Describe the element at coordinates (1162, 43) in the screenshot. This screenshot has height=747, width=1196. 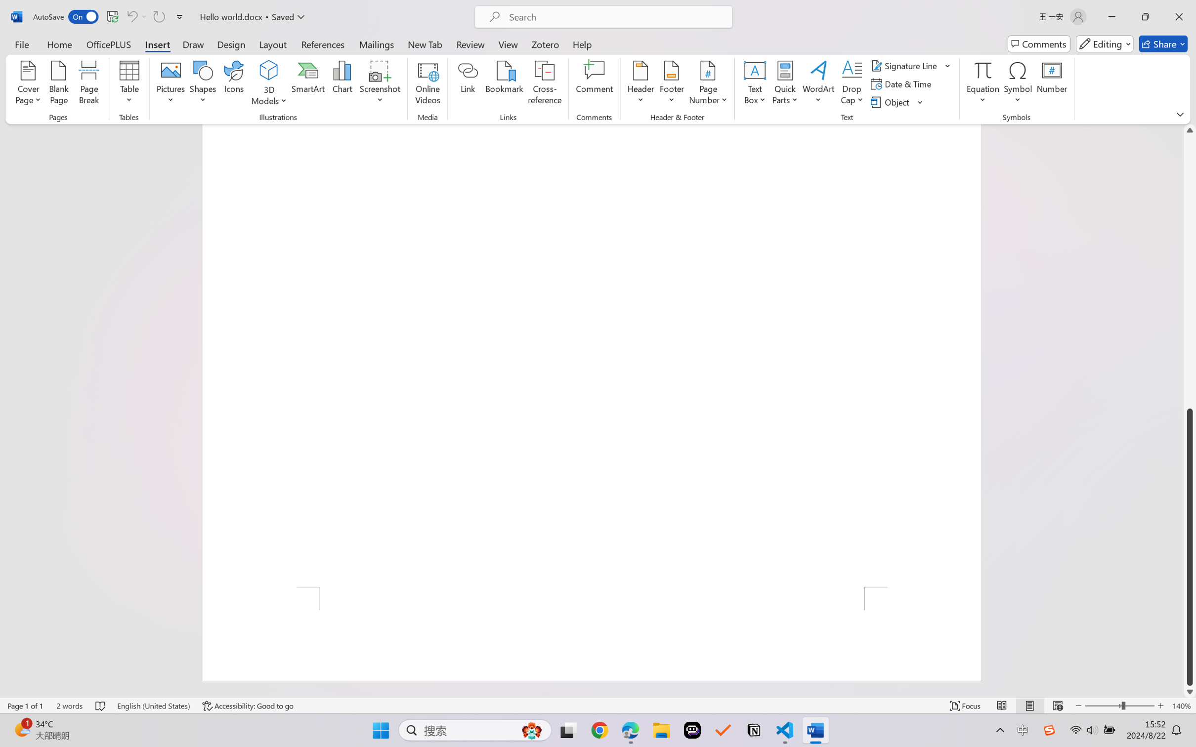
I see `'Share'` at that location.